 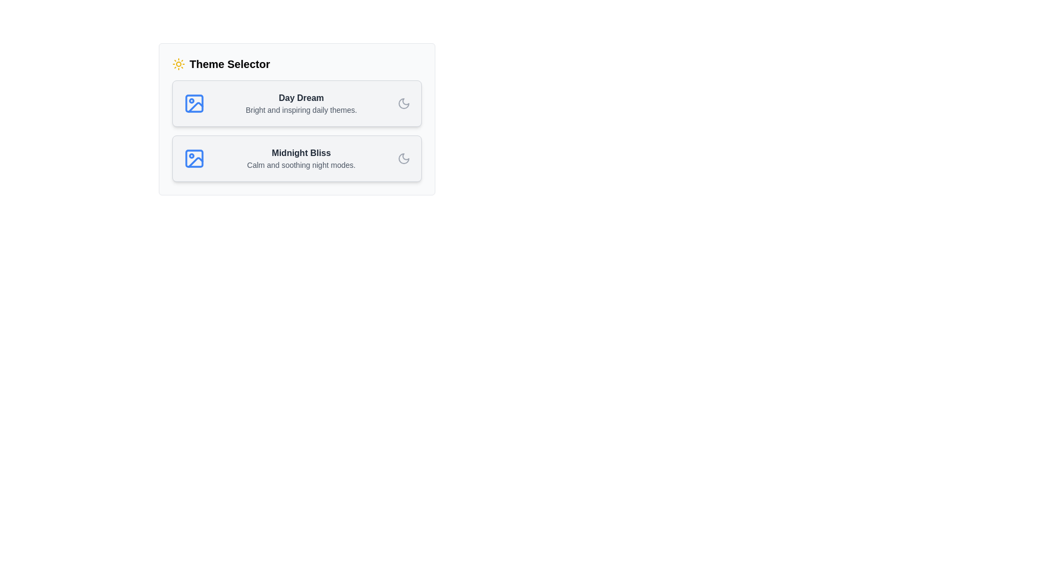 What do you see at coordinates (297, 64) in the screenshot?
I see `the text element Theme Selector to inspect its content closely` at bounding box center [297, 64].